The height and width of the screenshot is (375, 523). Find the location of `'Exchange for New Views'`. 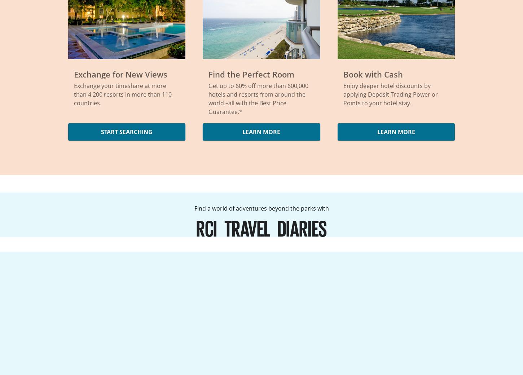

'Exchange for New Views' is located at coordinates (120, 74).